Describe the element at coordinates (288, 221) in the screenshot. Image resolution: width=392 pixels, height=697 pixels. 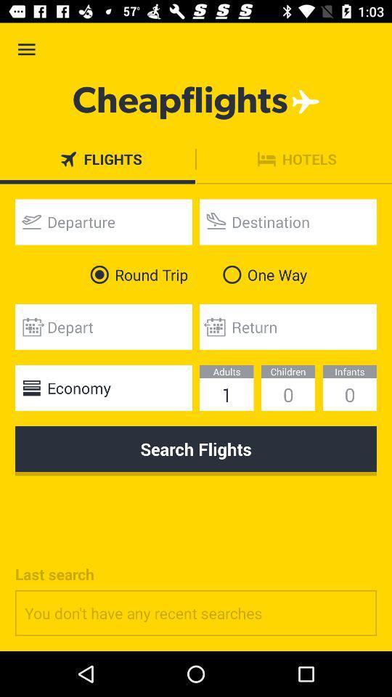
I see `text box to enter destination airport` at that location.